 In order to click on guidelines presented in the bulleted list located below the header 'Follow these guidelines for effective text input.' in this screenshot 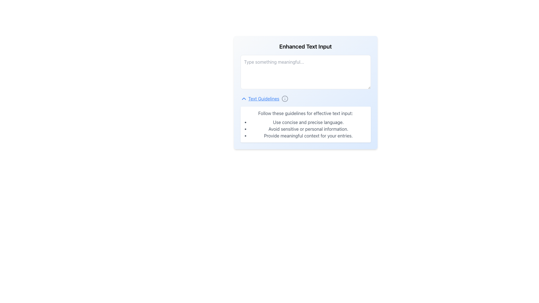, I will do `click(308, 129)`.